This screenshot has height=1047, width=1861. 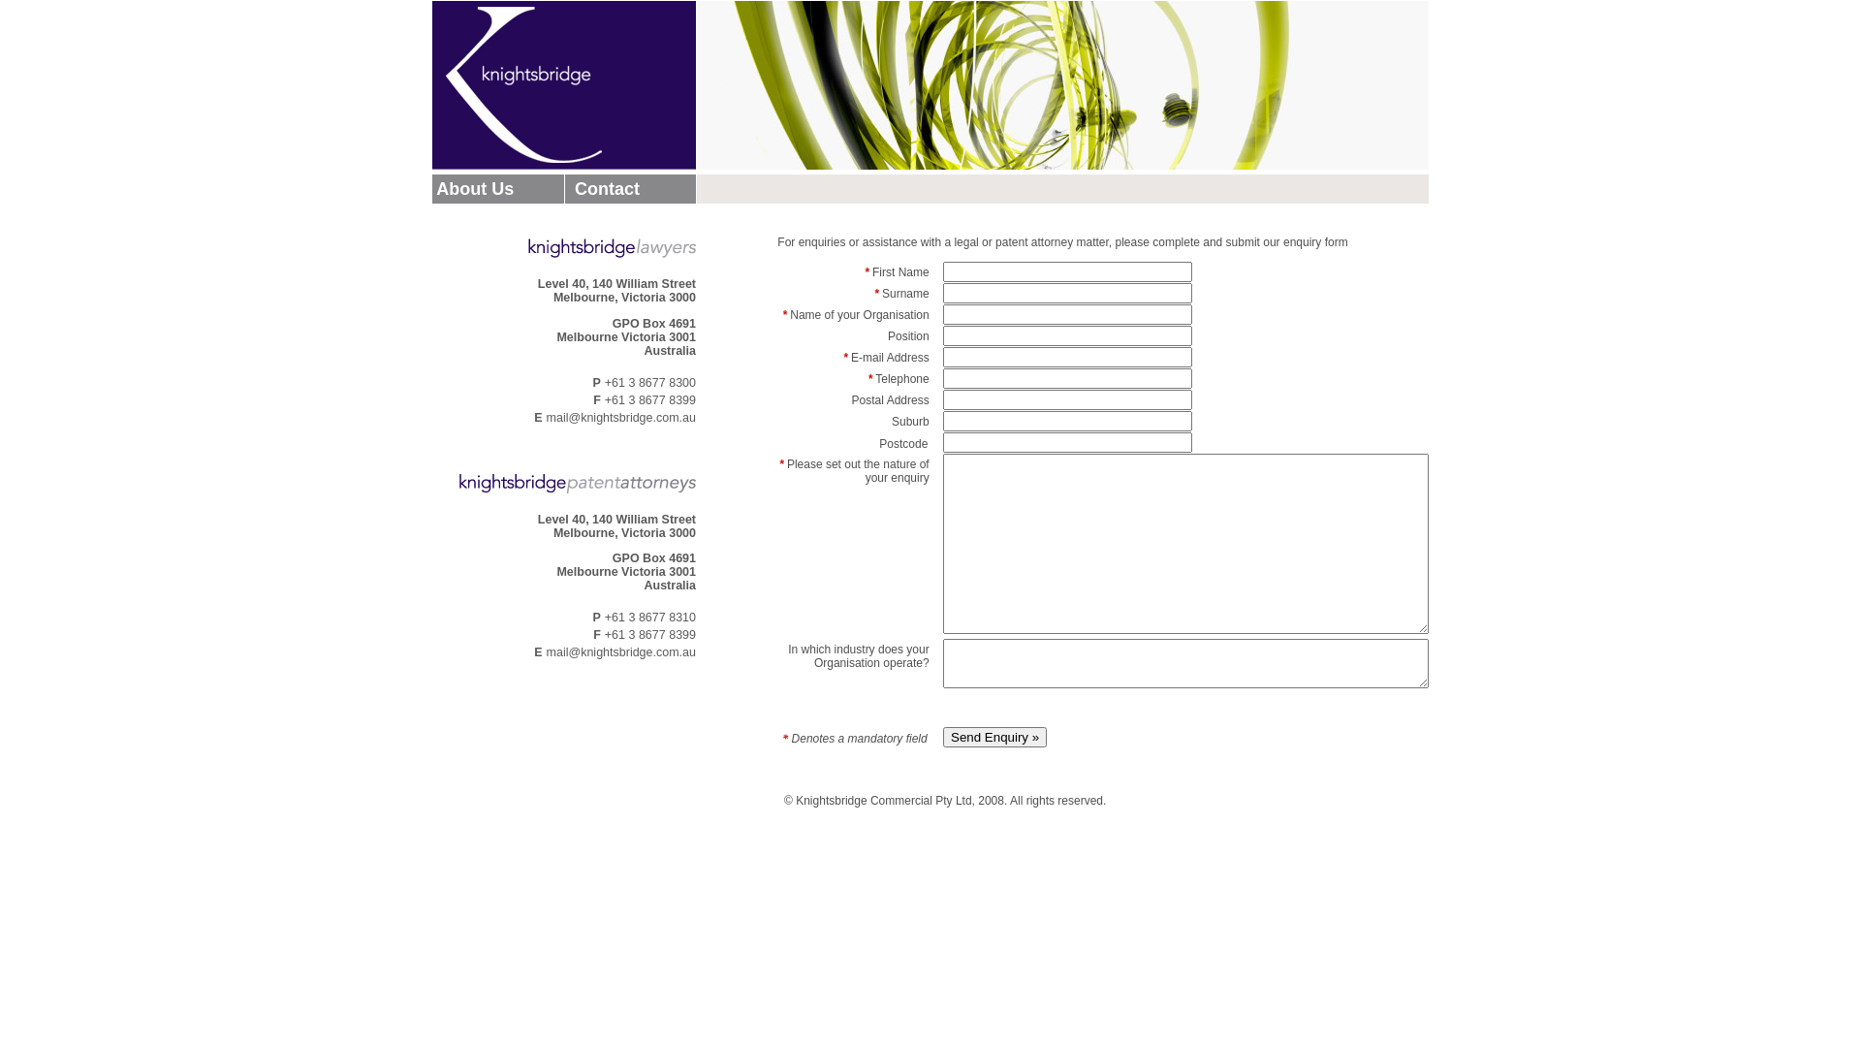 I want to click on 'First Name', so click(x=1066, y=271).